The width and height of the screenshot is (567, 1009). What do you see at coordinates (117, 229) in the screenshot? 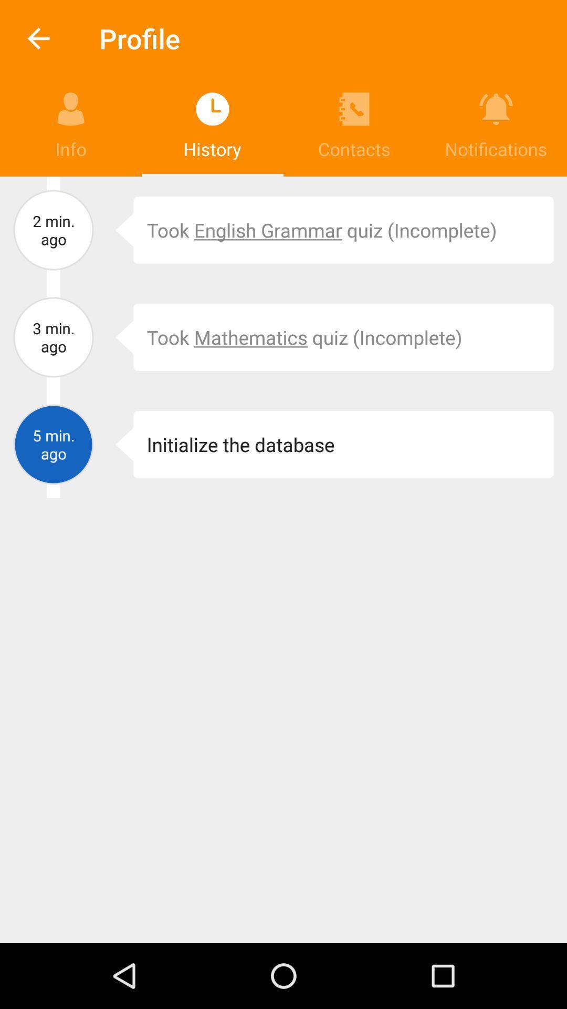
I see `the icon next to took english grammar icon` at bounding box center [117, 229].